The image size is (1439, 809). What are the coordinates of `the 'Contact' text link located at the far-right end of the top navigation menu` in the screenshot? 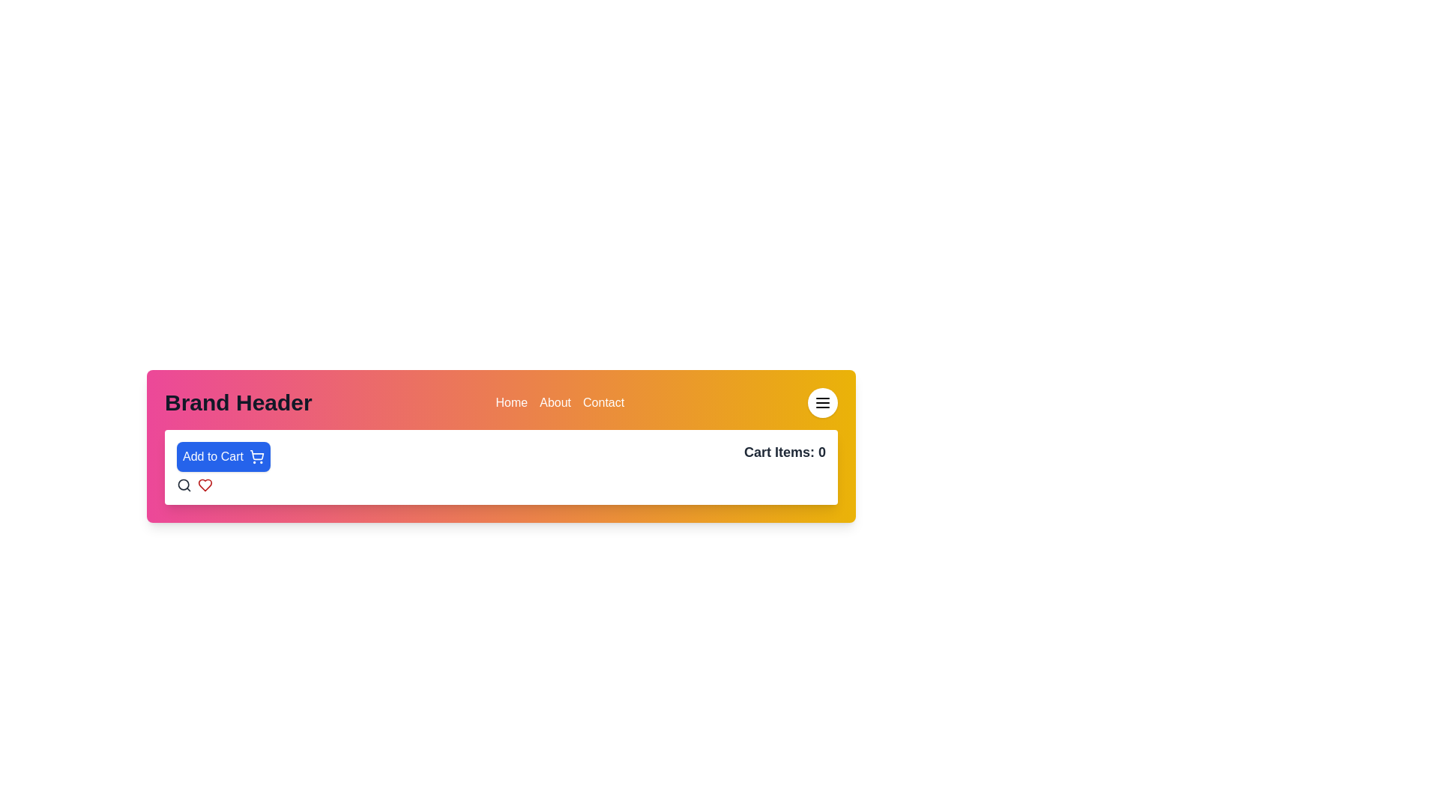 It's located at (603, 402).